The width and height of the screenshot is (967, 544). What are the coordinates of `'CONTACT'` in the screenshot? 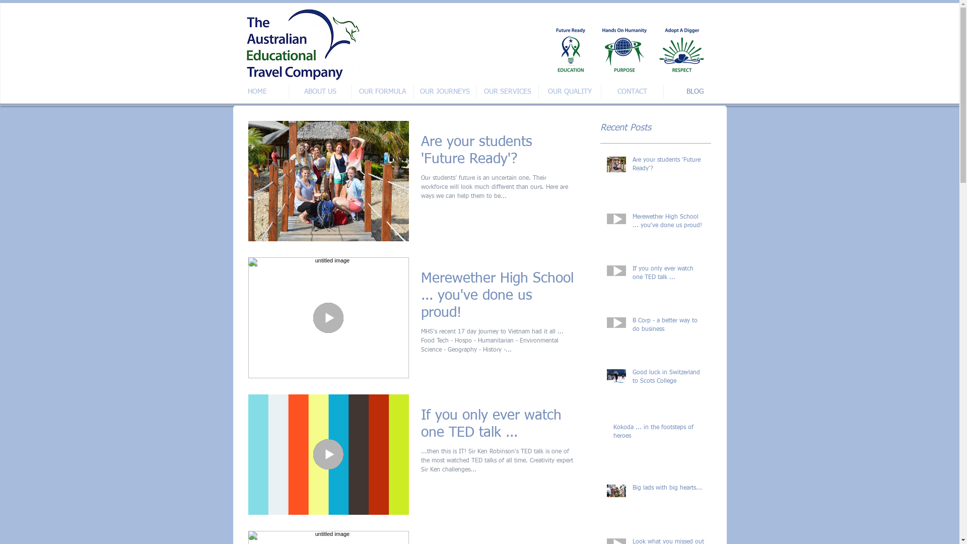 It's located at (632, 92).